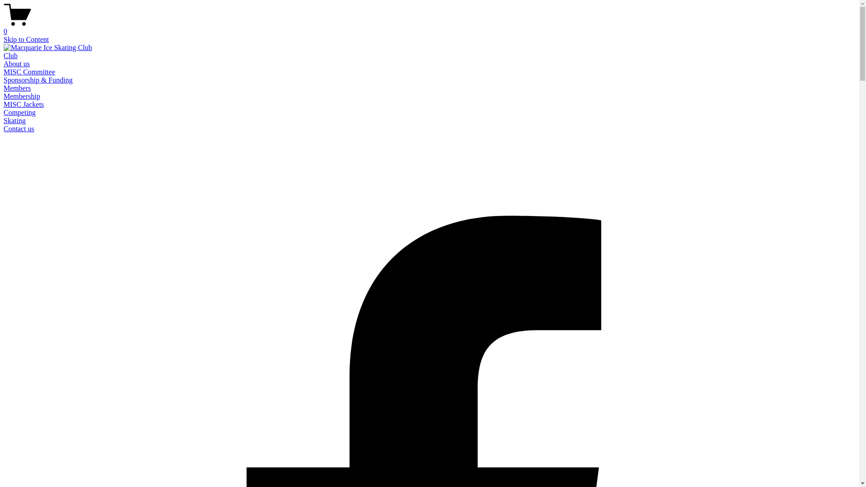  I want to click on 'Contact us', so click(19, 129).